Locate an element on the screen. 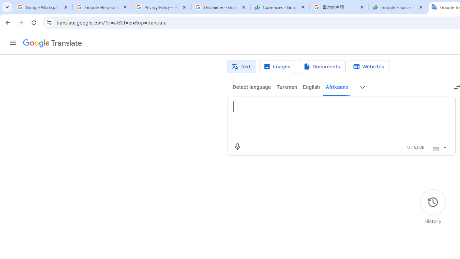 Image resolution: width=460 pixels, height=259 pixels. 'Translate by voice' is located at coordinates (237, 146).